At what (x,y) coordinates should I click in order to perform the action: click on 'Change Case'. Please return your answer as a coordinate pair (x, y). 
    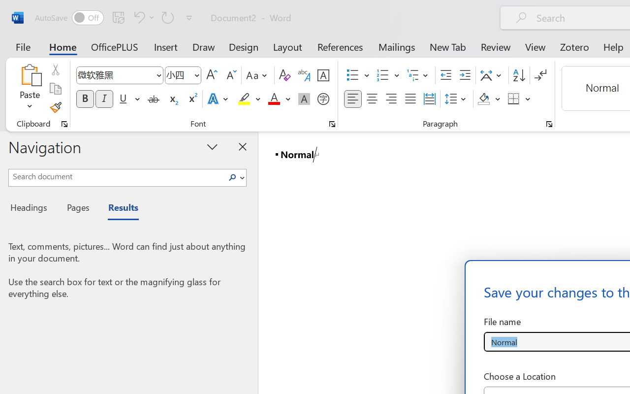
    Looking at the image, I should click on (258, 75).